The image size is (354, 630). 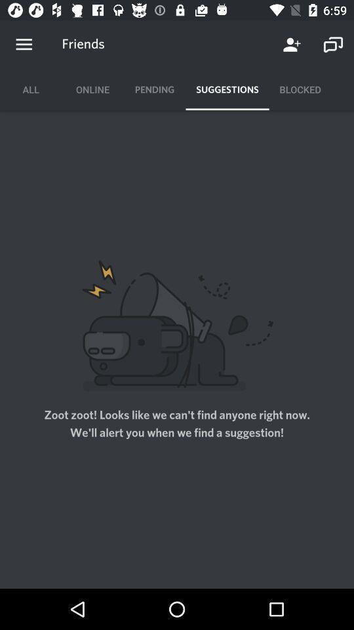 What do you see at coordinates (24, 45) in the screenshot?
I see `options menu` at bounding box center [24, 45].